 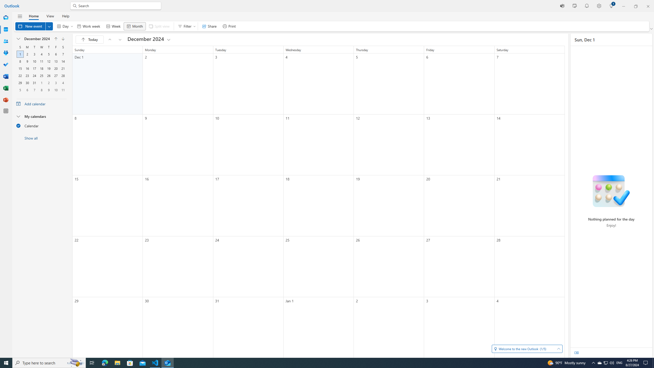 What do you see at coordinates (27, 54) in the screenshot?
I see `'2, December, 2024'` at bounding box center [27, 54].